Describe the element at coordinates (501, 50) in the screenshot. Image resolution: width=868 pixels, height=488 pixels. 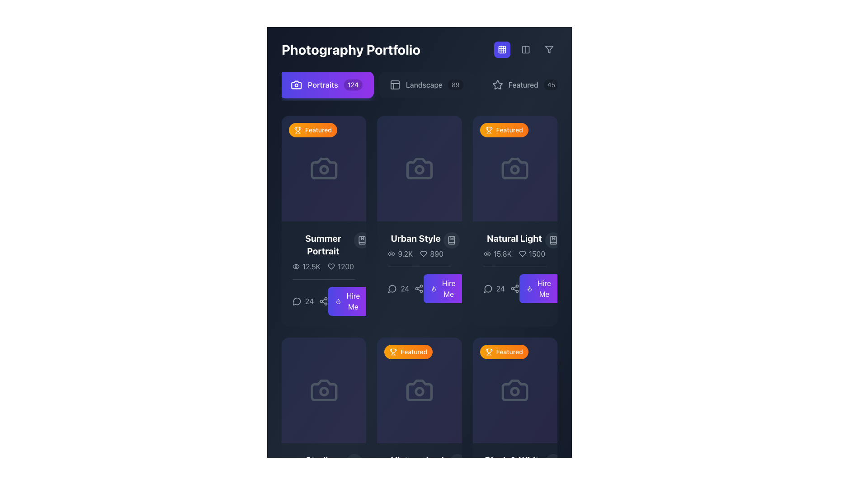
I see `the small, square-shaped indigo button with a grid-like icon centered on it` at that location.